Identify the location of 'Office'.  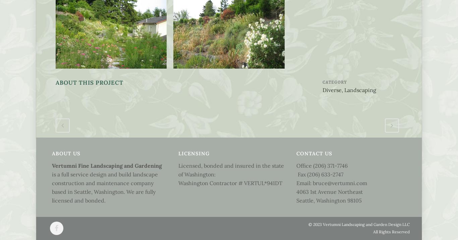
(304, 165).